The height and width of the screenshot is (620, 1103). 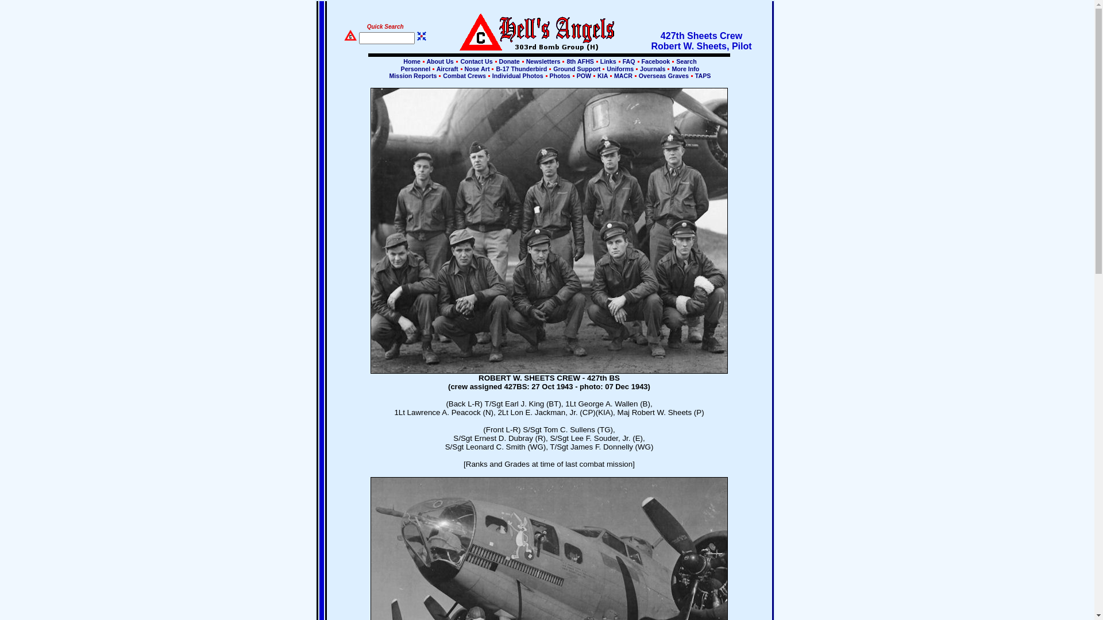 What do you see at coordinates (622, 75) in the screenshot?
I see `'MACR'` at bounding box center [622, 75].